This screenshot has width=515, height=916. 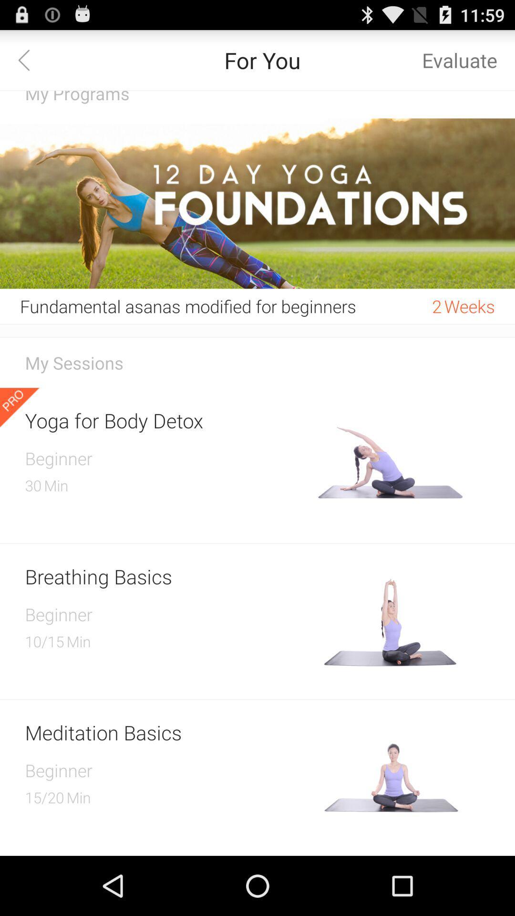 I want to click on the breathing basics, so click(x=167, y=576).